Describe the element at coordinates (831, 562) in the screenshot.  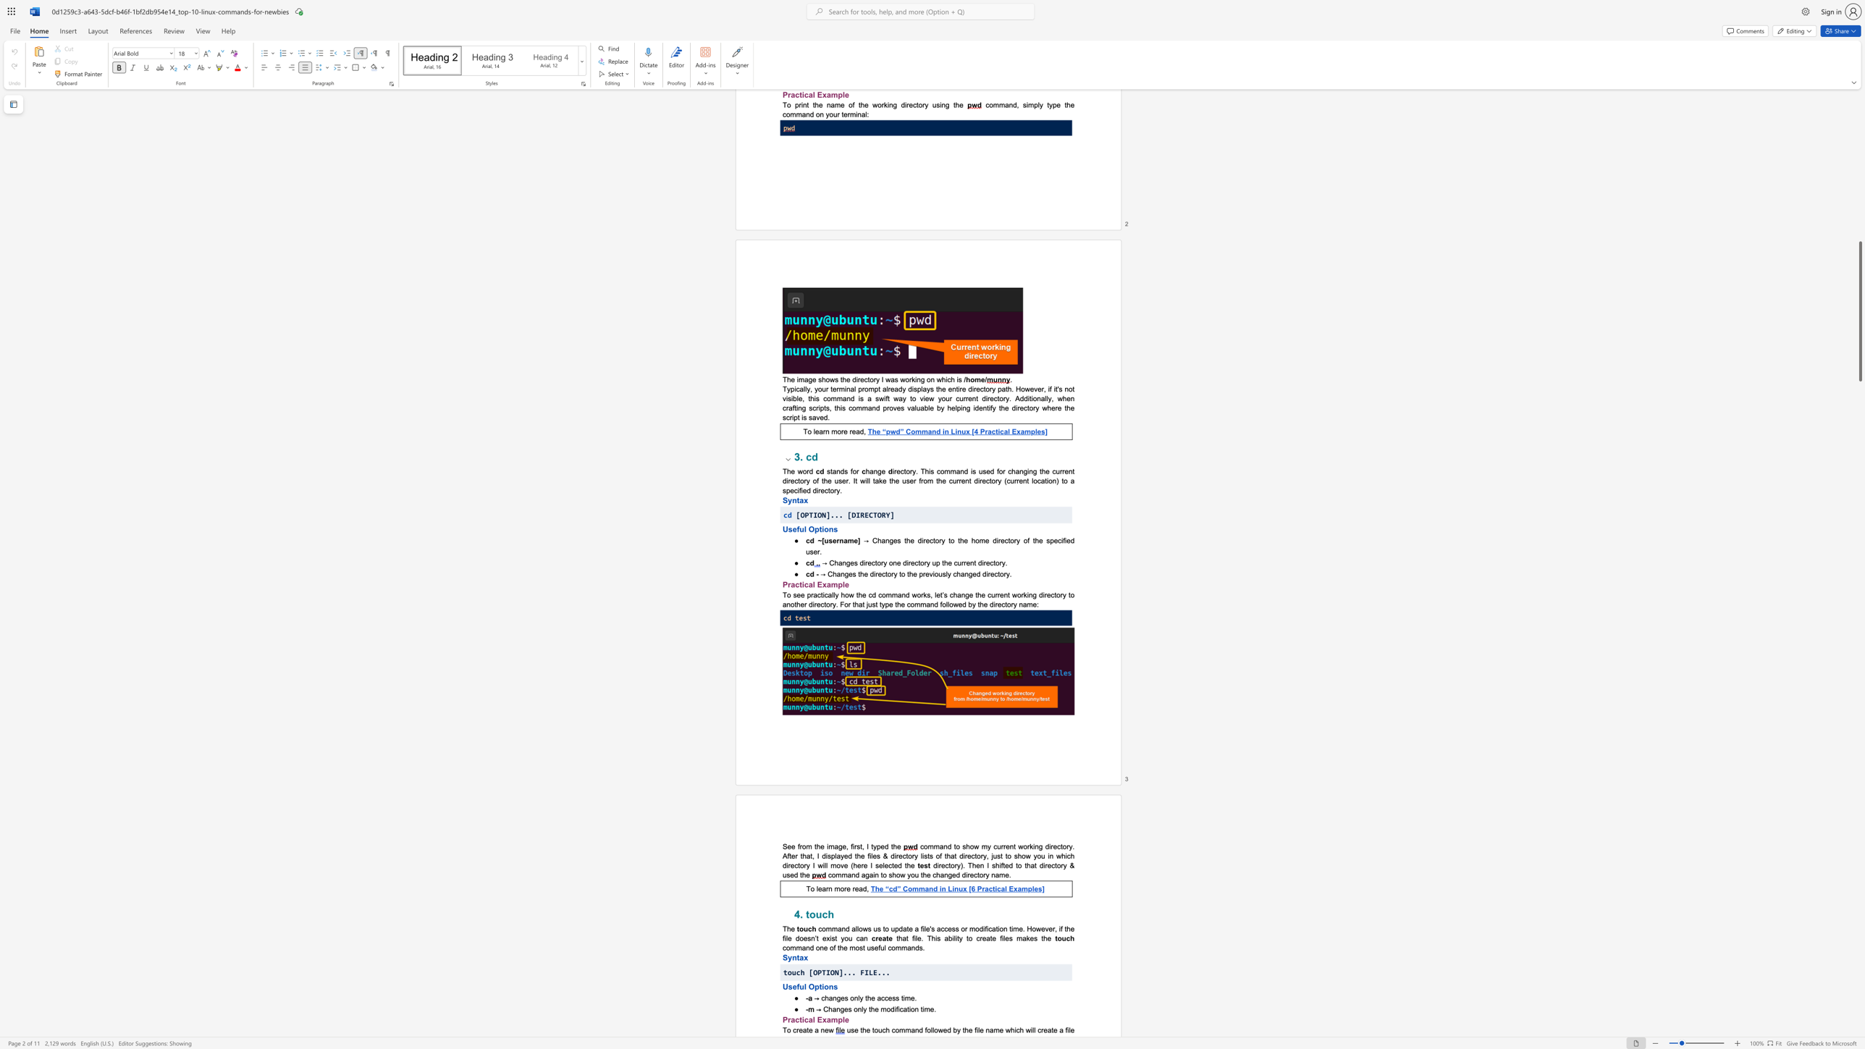
I see `the 1th character "C" in the text` at that location.